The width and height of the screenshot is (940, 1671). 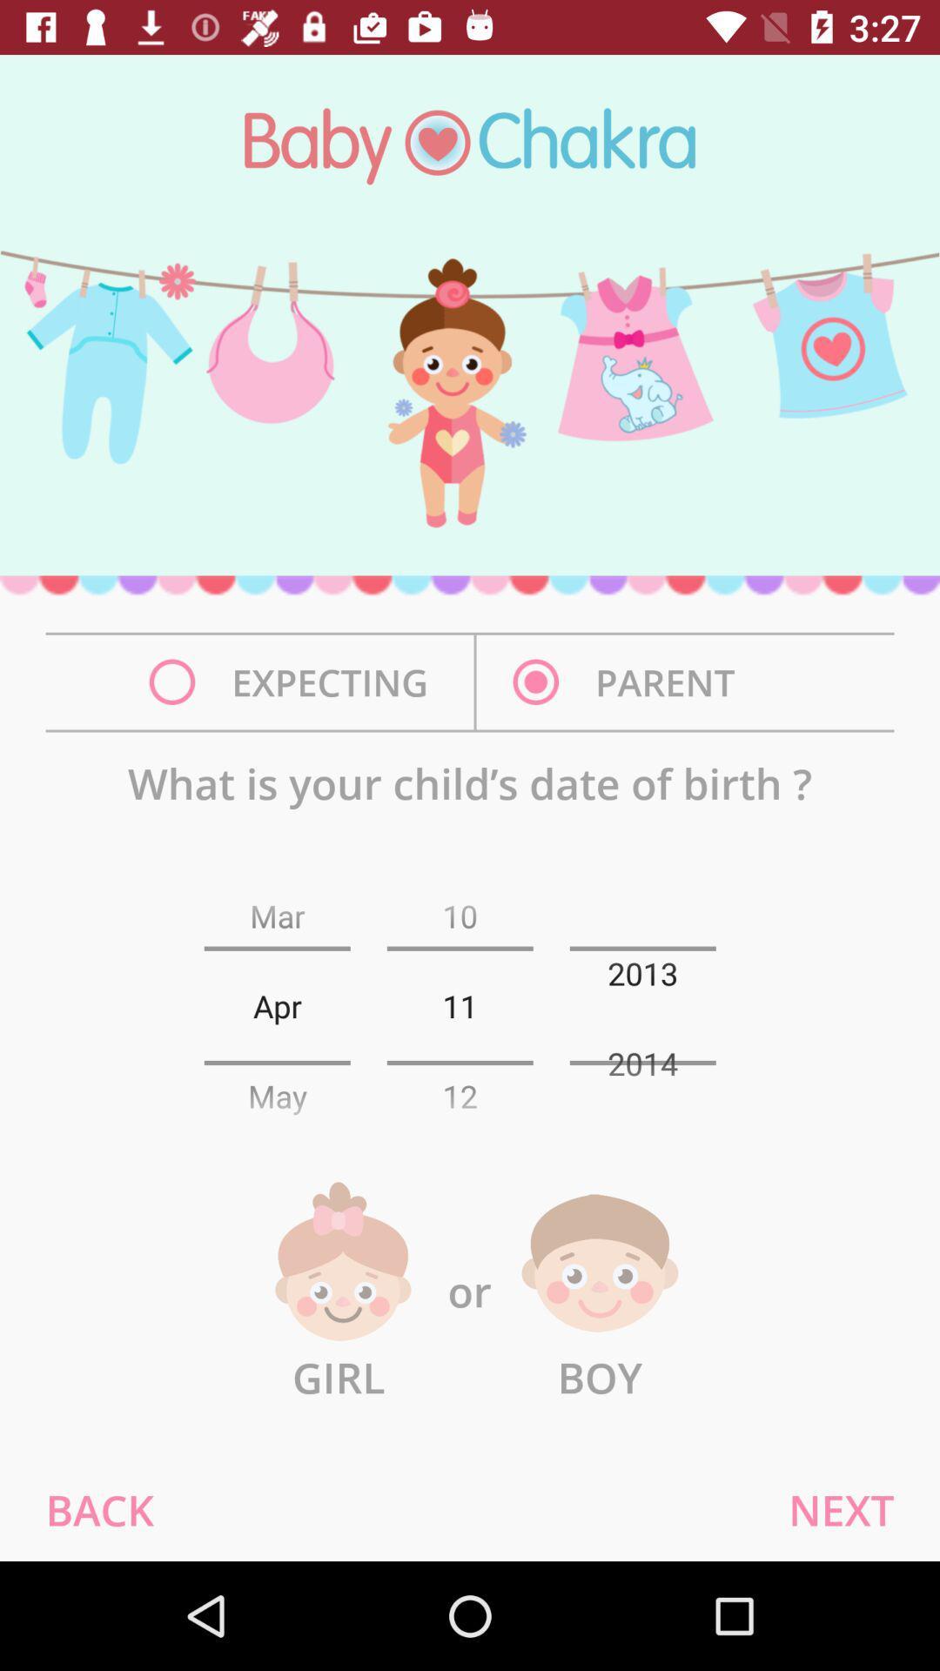 I want to click on the back, so click(x=99, y=1508).